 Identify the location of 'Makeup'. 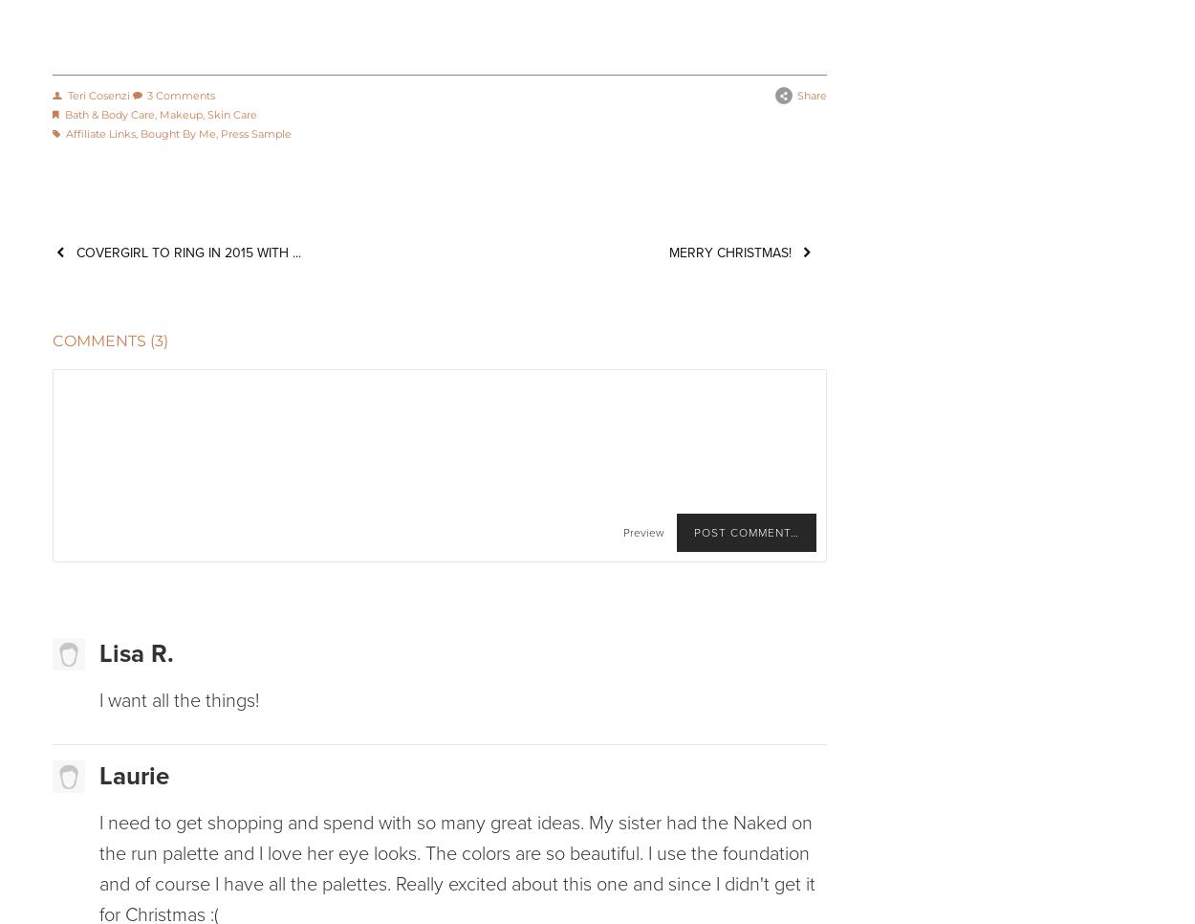
(159, 114).